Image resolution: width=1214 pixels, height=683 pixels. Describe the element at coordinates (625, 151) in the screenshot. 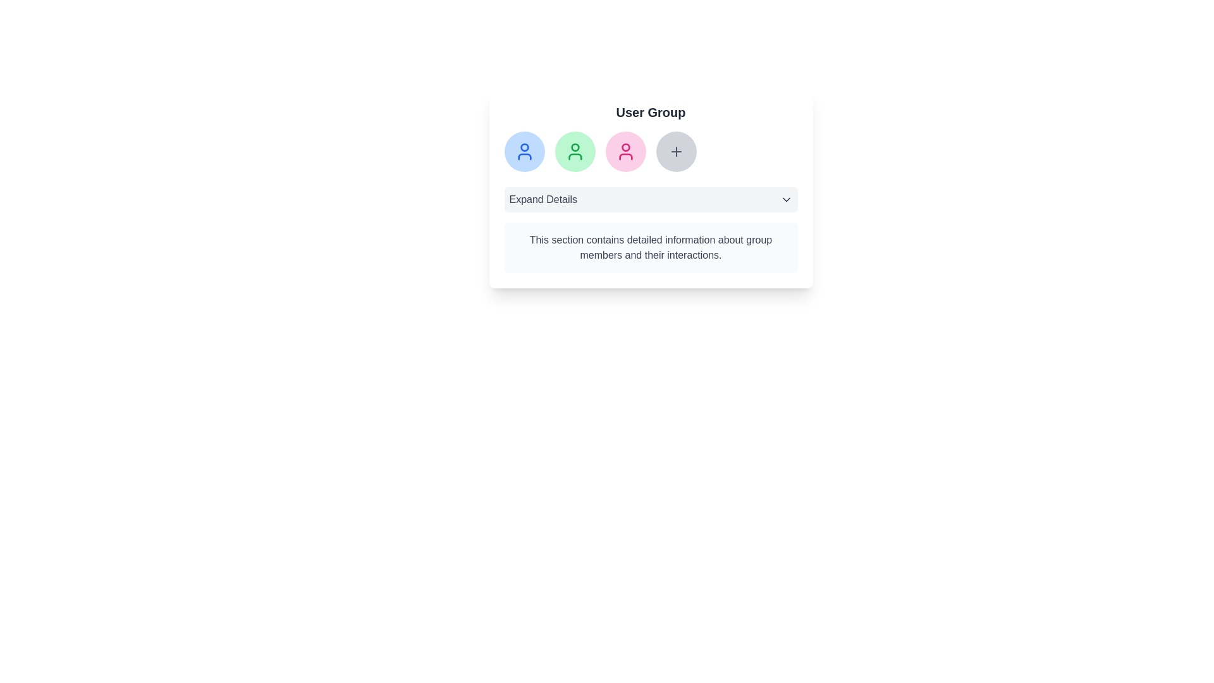

I see `the third icon button in a horizontal group of four, which represents a member feature or user role` at that location.